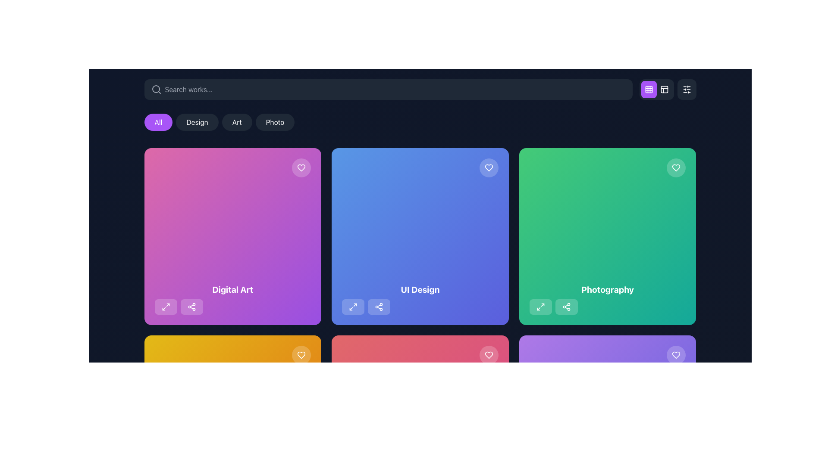 This screenshot has height=465, width=828. What do you see at coordinates (156, 89) in the screenshot?
I see `the SVG circle graphic within the magnifying glass icon, which is located to the left of the search input field, to inspect it` at bounding box center [156, 89].